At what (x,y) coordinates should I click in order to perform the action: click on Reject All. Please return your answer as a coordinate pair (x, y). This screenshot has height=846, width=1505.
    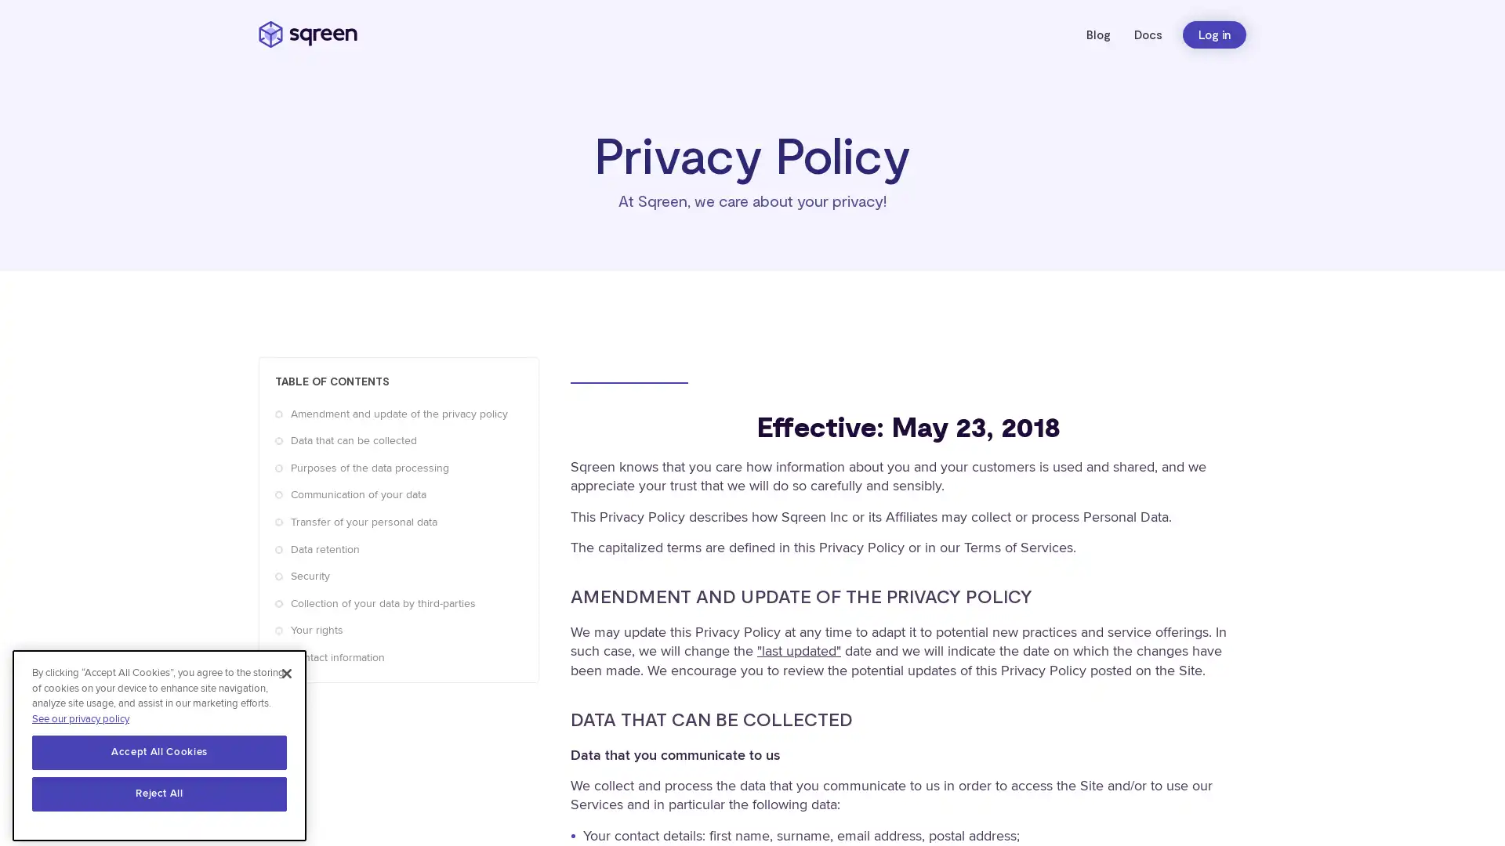
    Looking at the image, I should click on (159, 787).